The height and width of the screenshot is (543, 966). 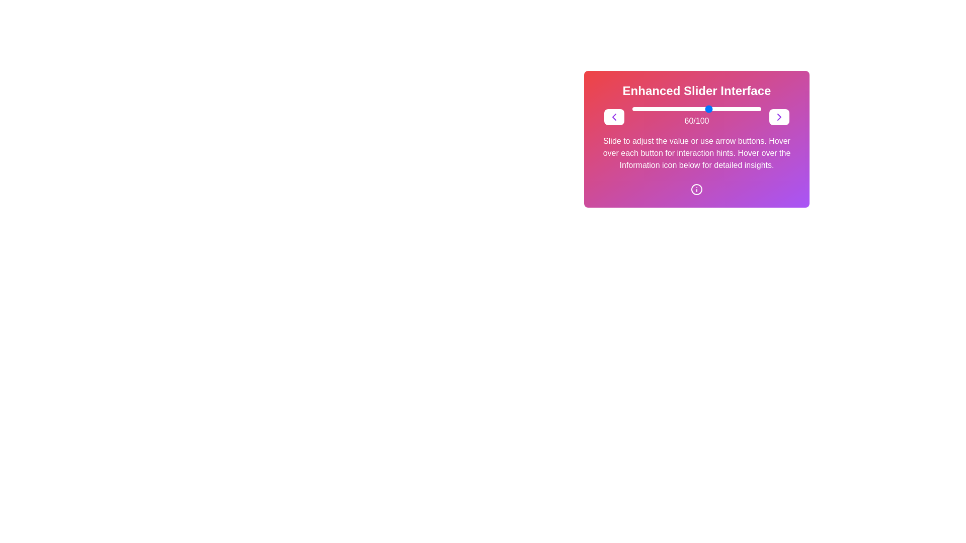 What do you see at coordinates (696, 116) in the screenshot?
I see `the text label displaying the fraction '60/100', which is centrally located below the slider bar and surrounded by a gradient background` at bounding box center [696, 116].